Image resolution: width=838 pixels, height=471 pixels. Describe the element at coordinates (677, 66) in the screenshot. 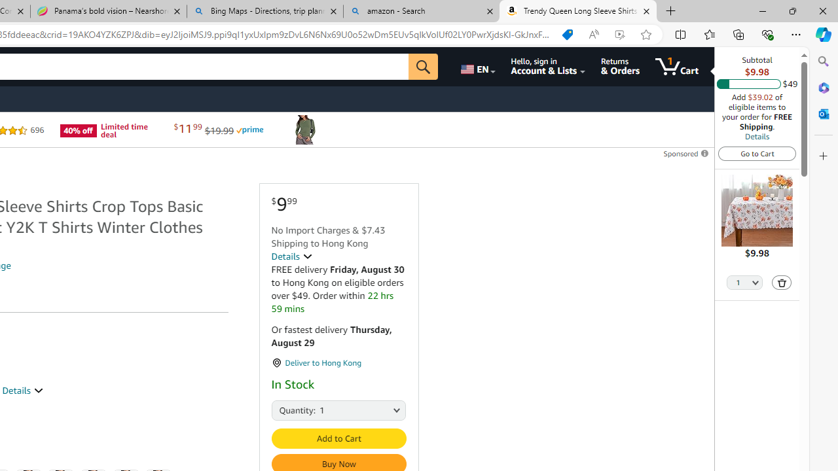

I see `'1 item in cart'` at that location.